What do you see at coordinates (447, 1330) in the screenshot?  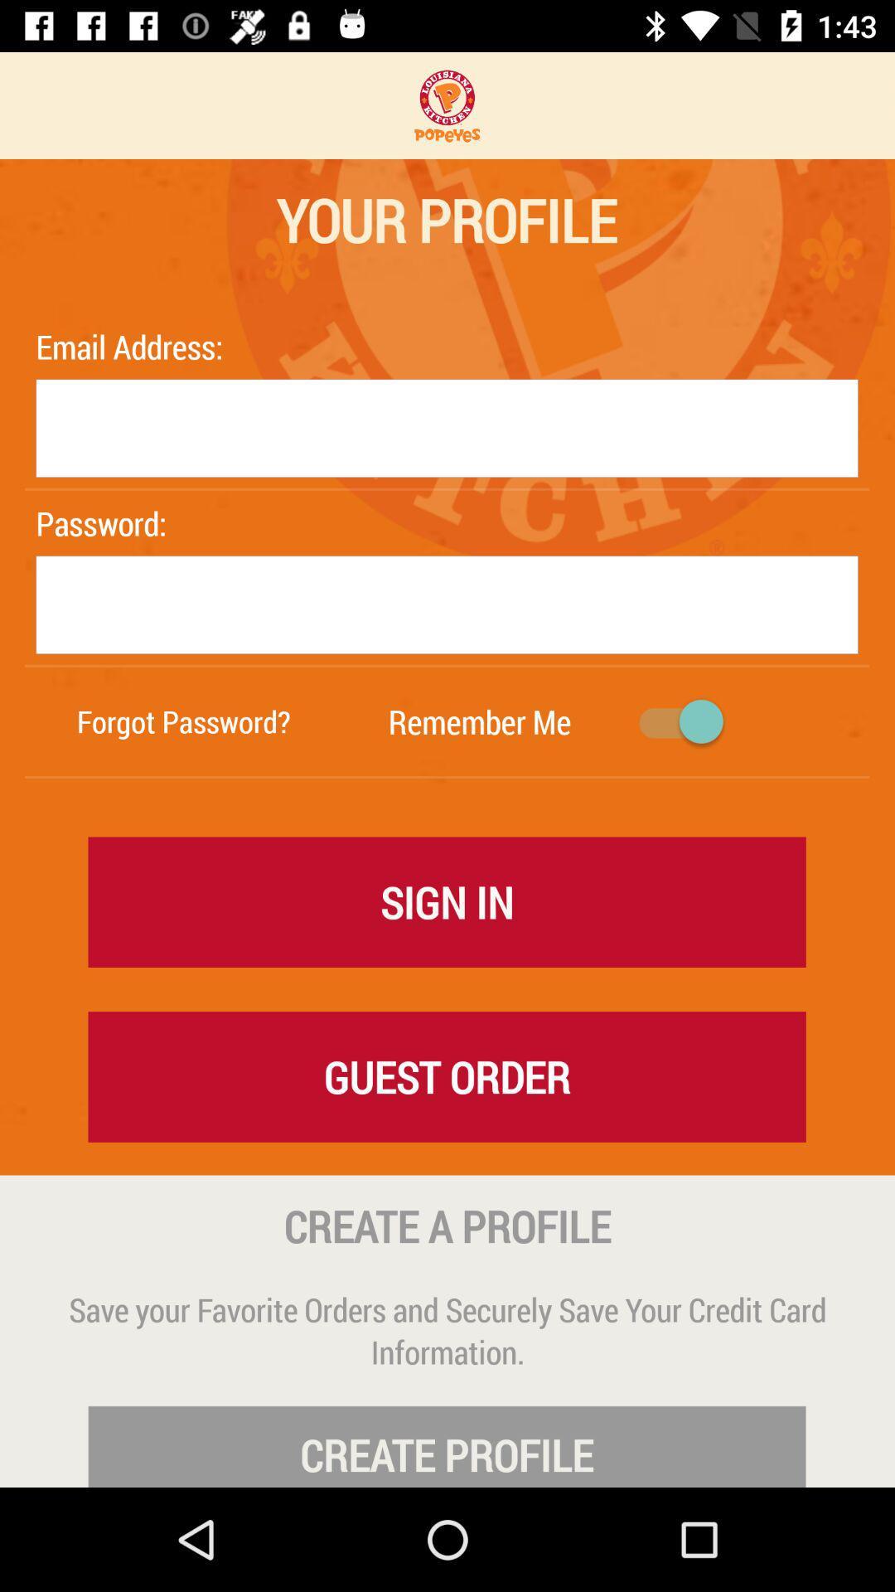 I see `the save your favorite icon` at bounding box center [447, 1330].